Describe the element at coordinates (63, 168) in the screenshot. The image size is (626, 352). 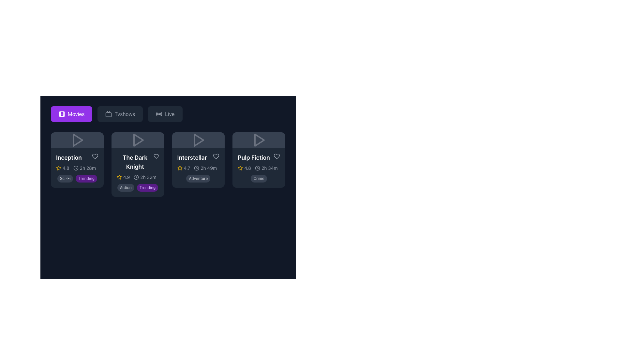
I see `the Rating display for the movie 'Inception', which is located on the leftmost side of its group within the card` at that location.